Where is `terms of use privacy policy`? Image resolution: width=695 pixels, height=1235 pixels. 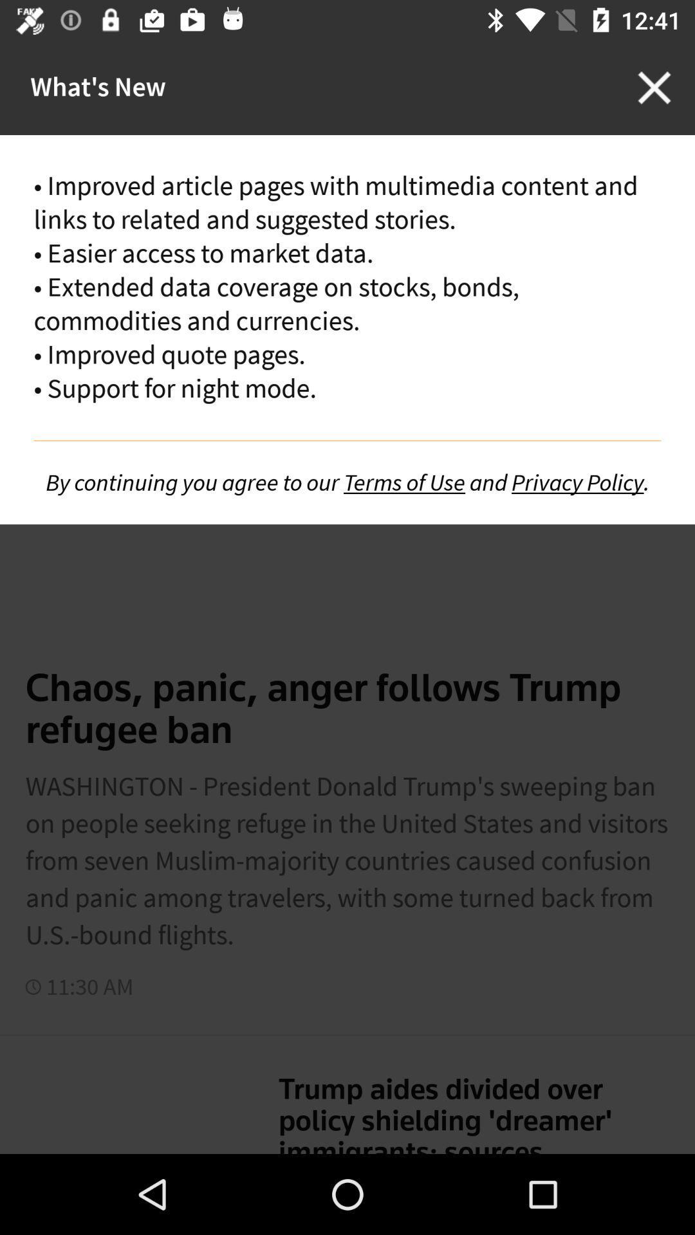
terms of use privacy policy is located at coordinates (347, 482).